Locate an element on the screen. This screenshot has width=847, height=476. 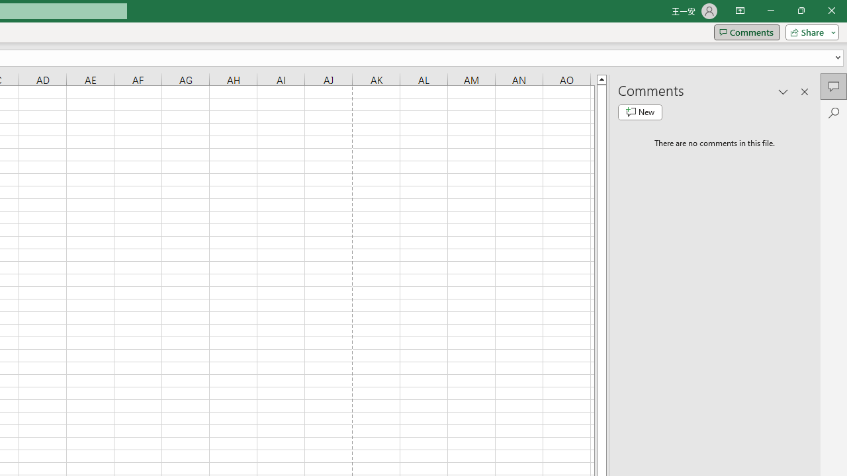
'Comments' is located at coordinates (746, 31).